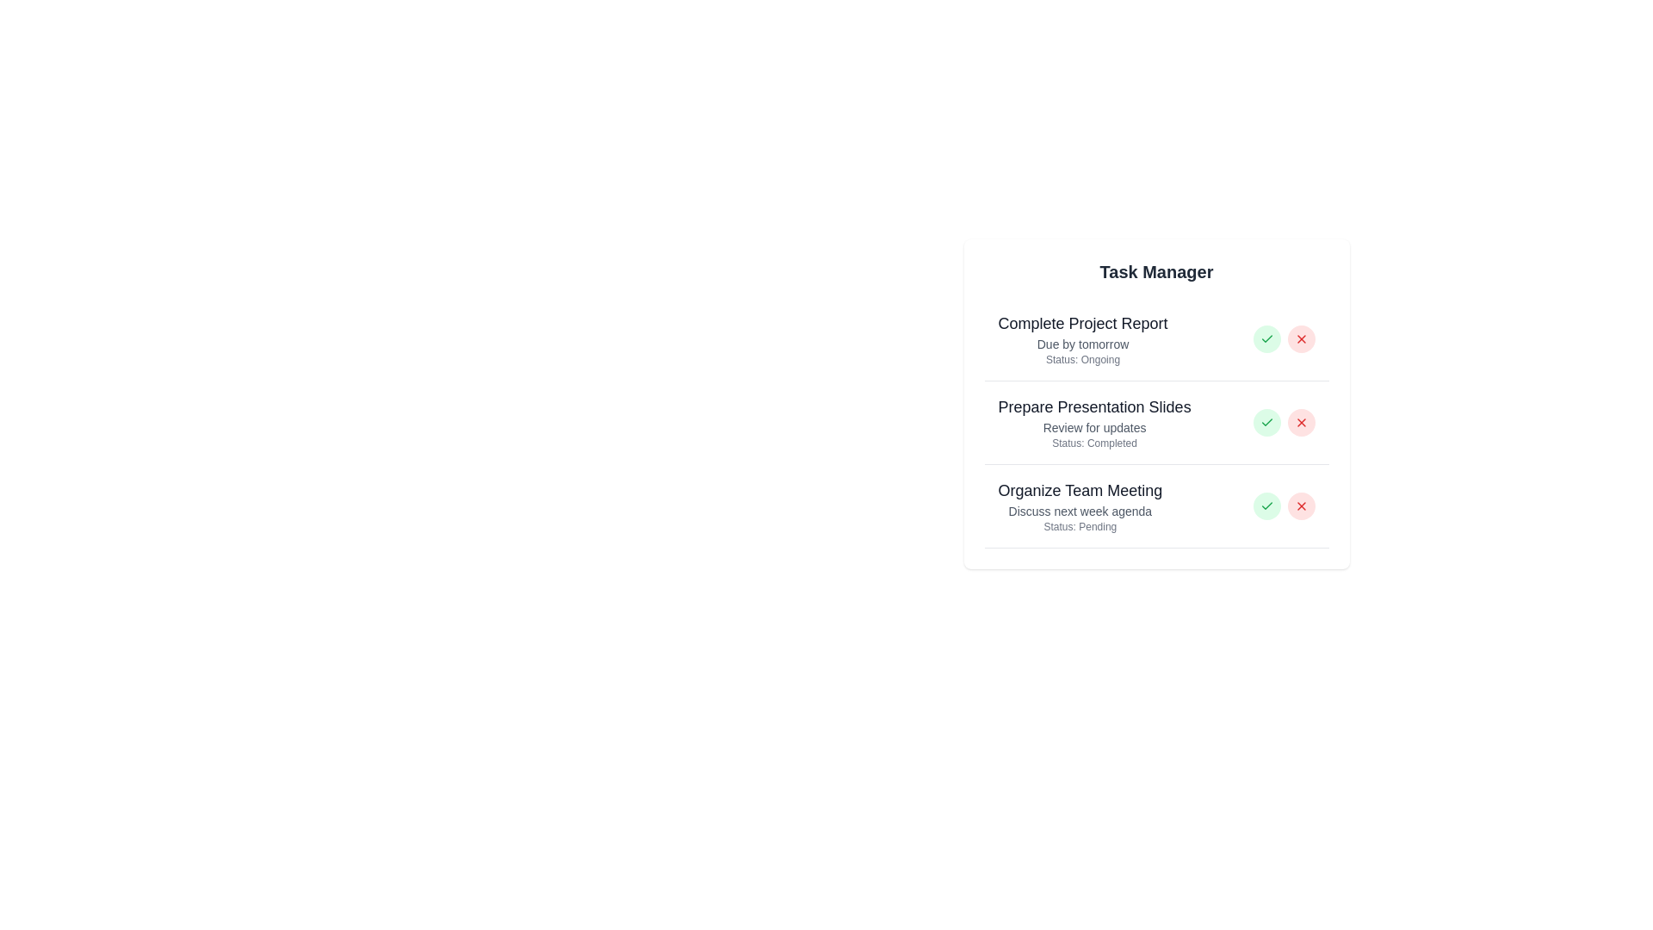 Image resolution: width=1653 pixels, height=930 pixels. I want to click on the static text label providing additional information about the task 'Prepare Presentation Slides' located between the task title and the status label, so click(1093, 427).